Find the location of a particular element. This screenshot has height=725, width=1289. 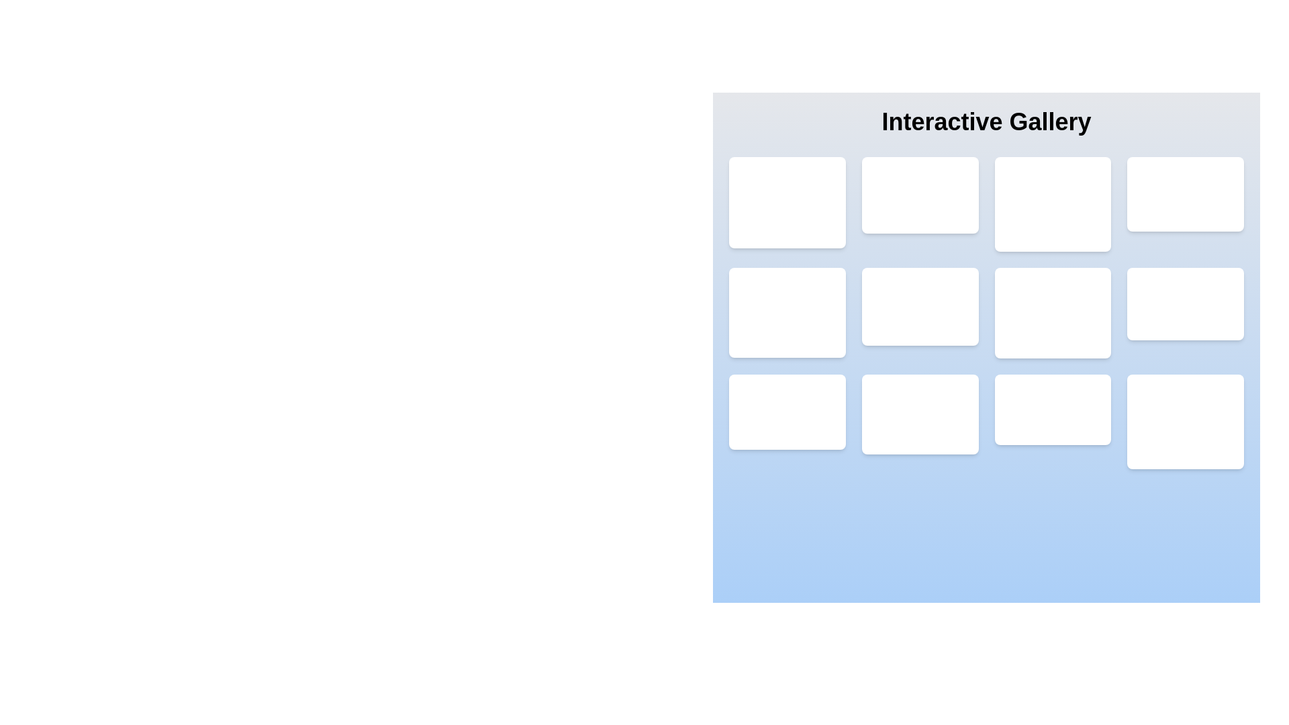

the 'Artwork #12' card located at the bottom right corner of the grid layout is located at coordinates (1186, 421).